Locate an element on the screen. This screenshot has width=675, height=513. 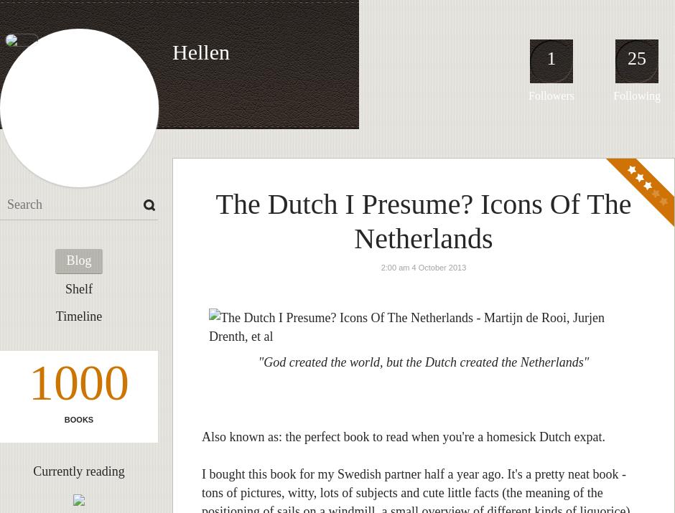
'BOOKS' is located at coordinates (78, 418).